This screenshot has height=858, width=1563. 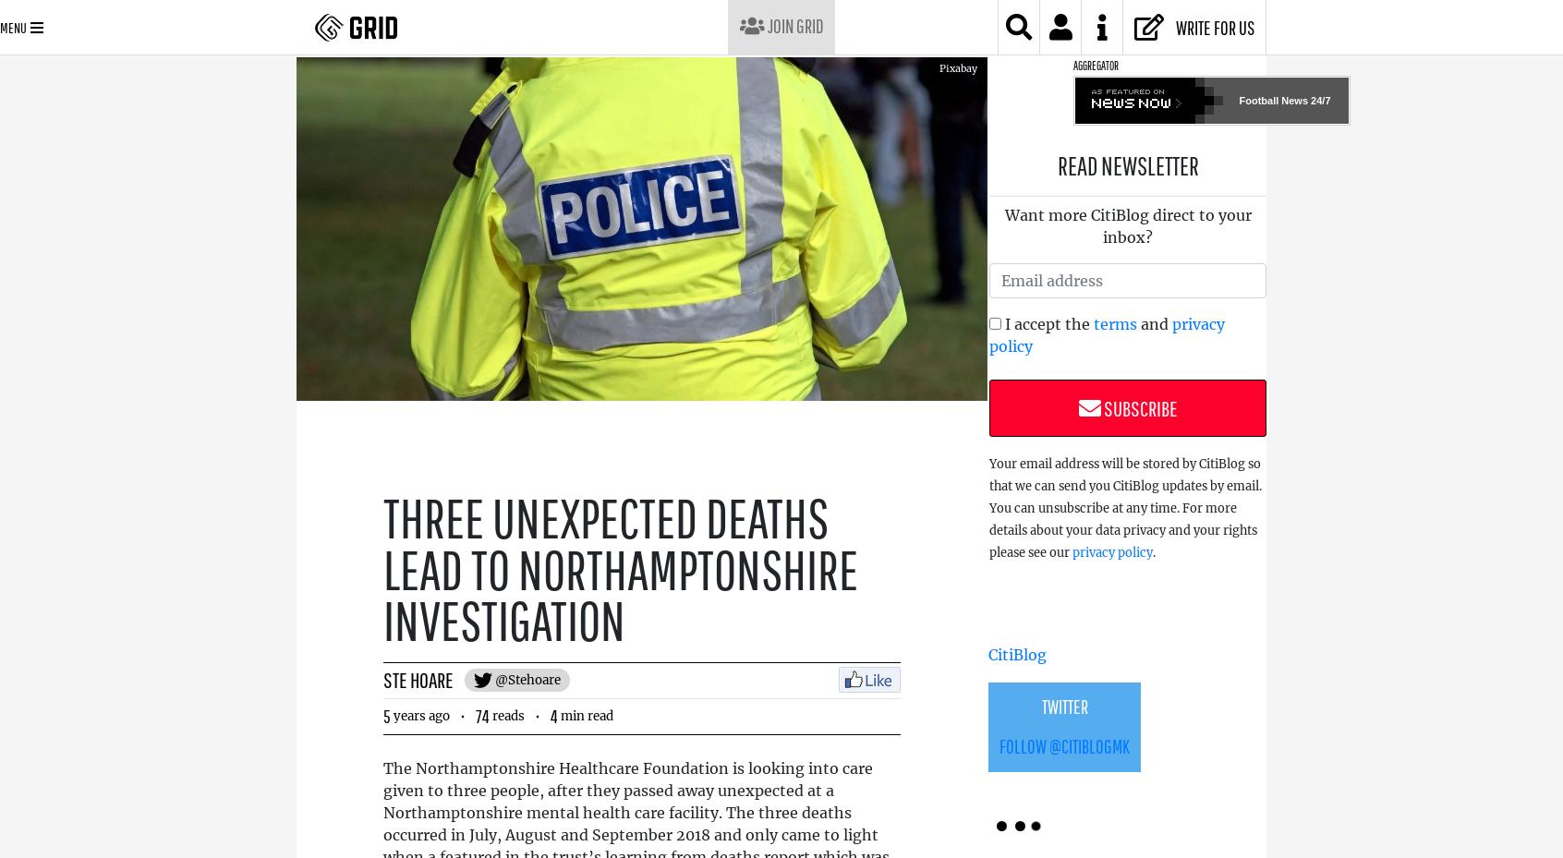 I want to click on 'reads', so click(x=507, y=715).